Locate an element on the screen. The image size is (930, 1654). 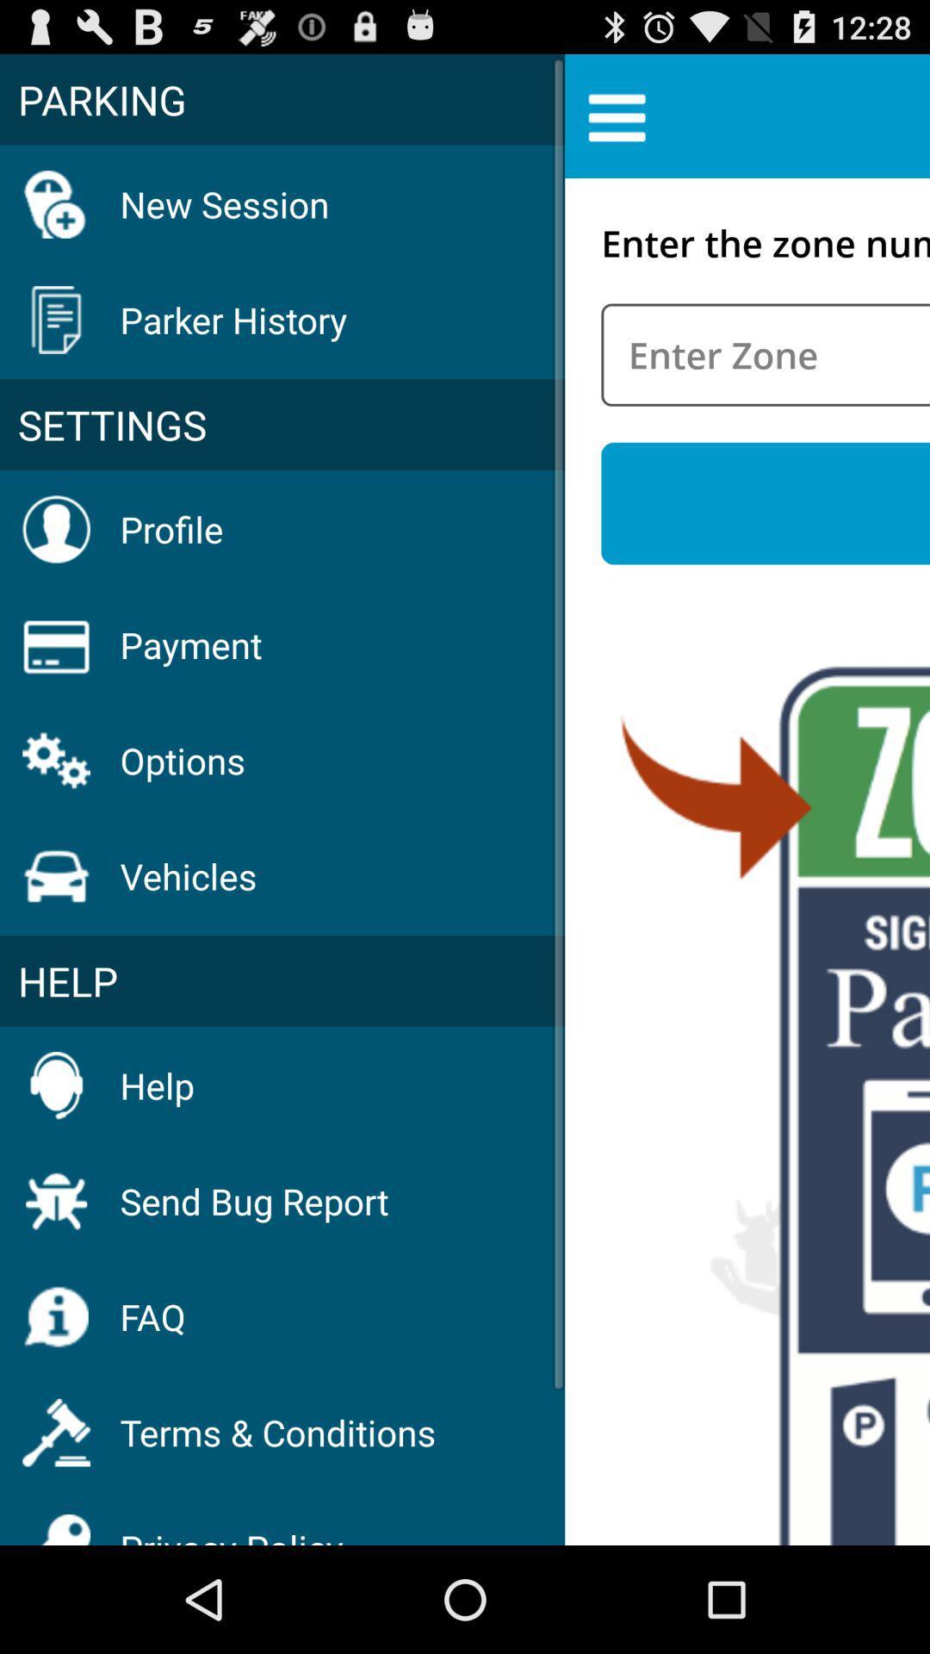
the vehicles item is located at coordinates (189, 876).